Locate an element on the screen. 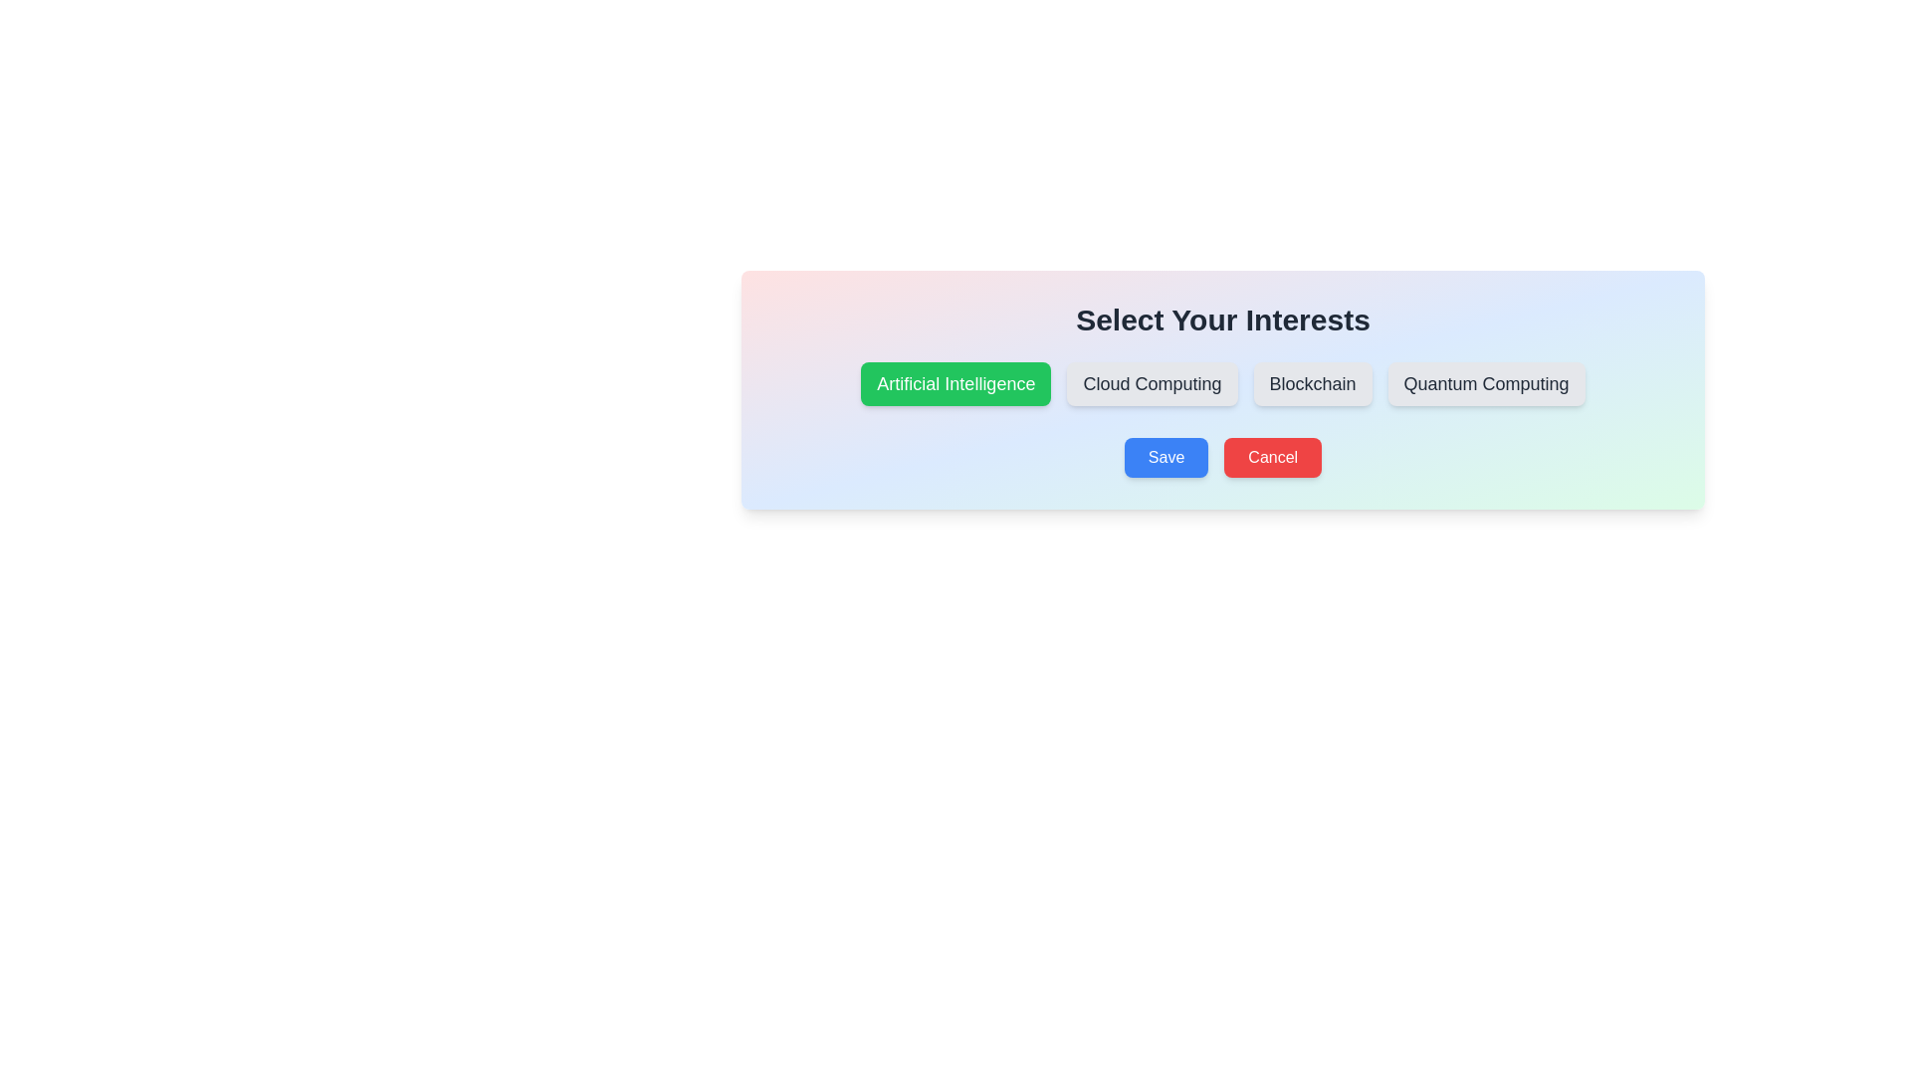 Image resolution: width=1911 pixels, height=1075 pixels. the button corresponding to the topic Quantum Computing to select or deselect it is located at coordinates (1486, 383).